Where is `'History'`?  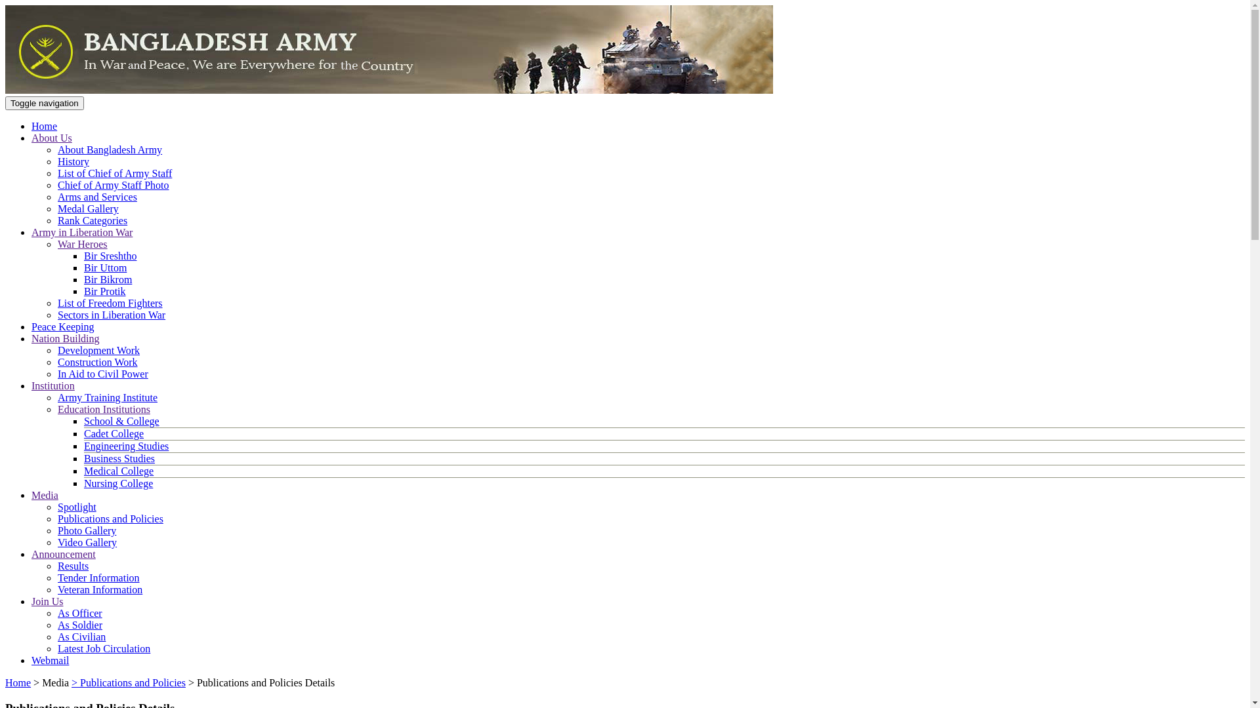 'History' is located at coordinates (56, 161).